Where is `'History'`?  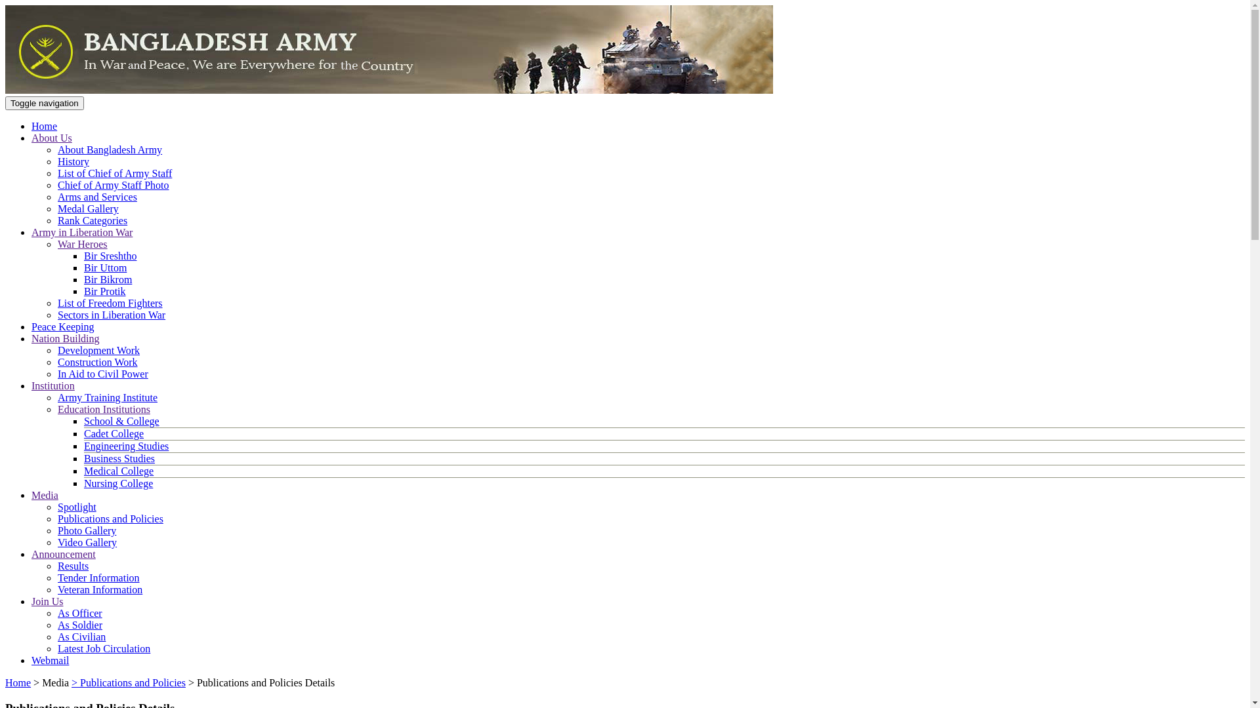 'History' is located at coordinates (56, 161).